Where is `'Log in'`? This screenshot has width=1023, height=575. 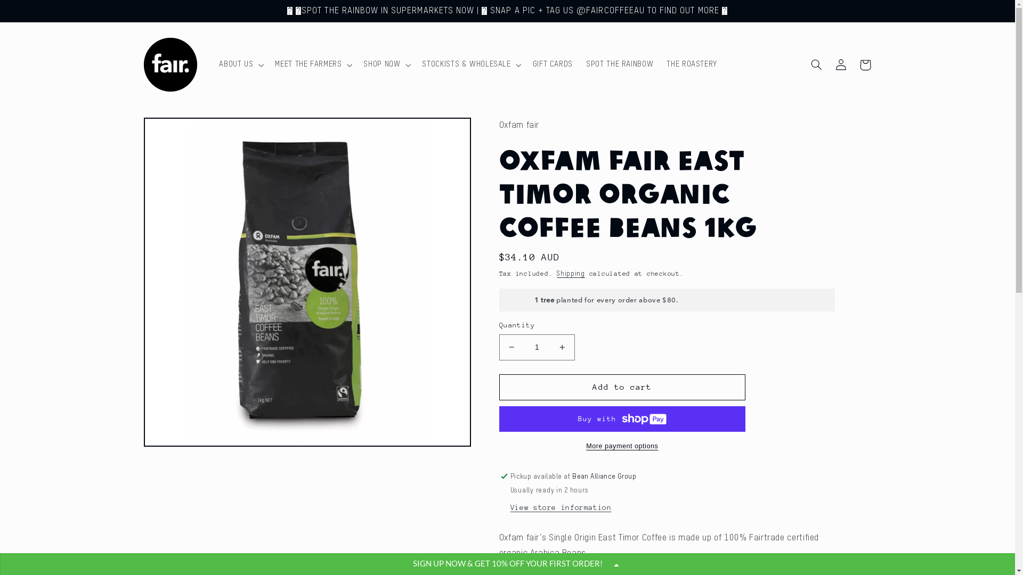 'Log in' is located at coordinates (840, 65).